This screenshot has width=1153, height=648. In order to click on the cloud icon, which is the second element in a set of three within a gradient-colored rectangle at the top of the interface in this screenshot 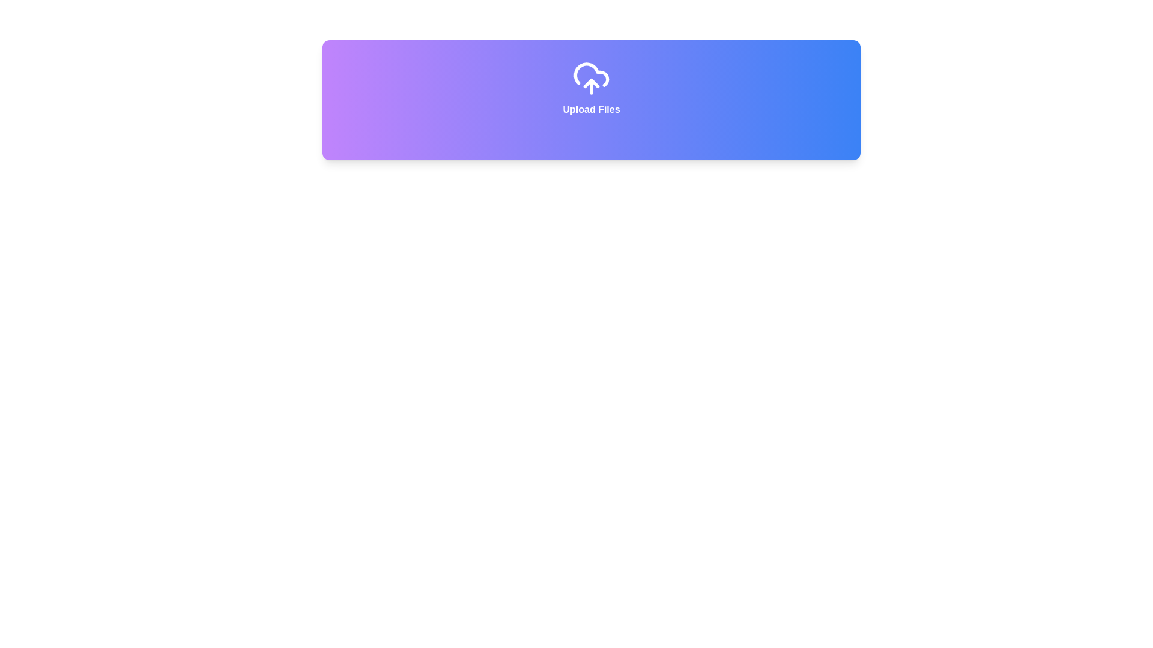, I will do `click(591, 74)`.